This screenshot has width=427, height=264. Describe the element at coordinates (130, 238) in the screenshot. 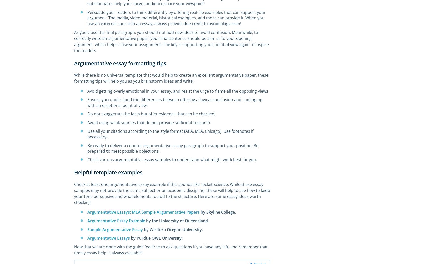

I see `'by Purdue OWL University.'` at that location.